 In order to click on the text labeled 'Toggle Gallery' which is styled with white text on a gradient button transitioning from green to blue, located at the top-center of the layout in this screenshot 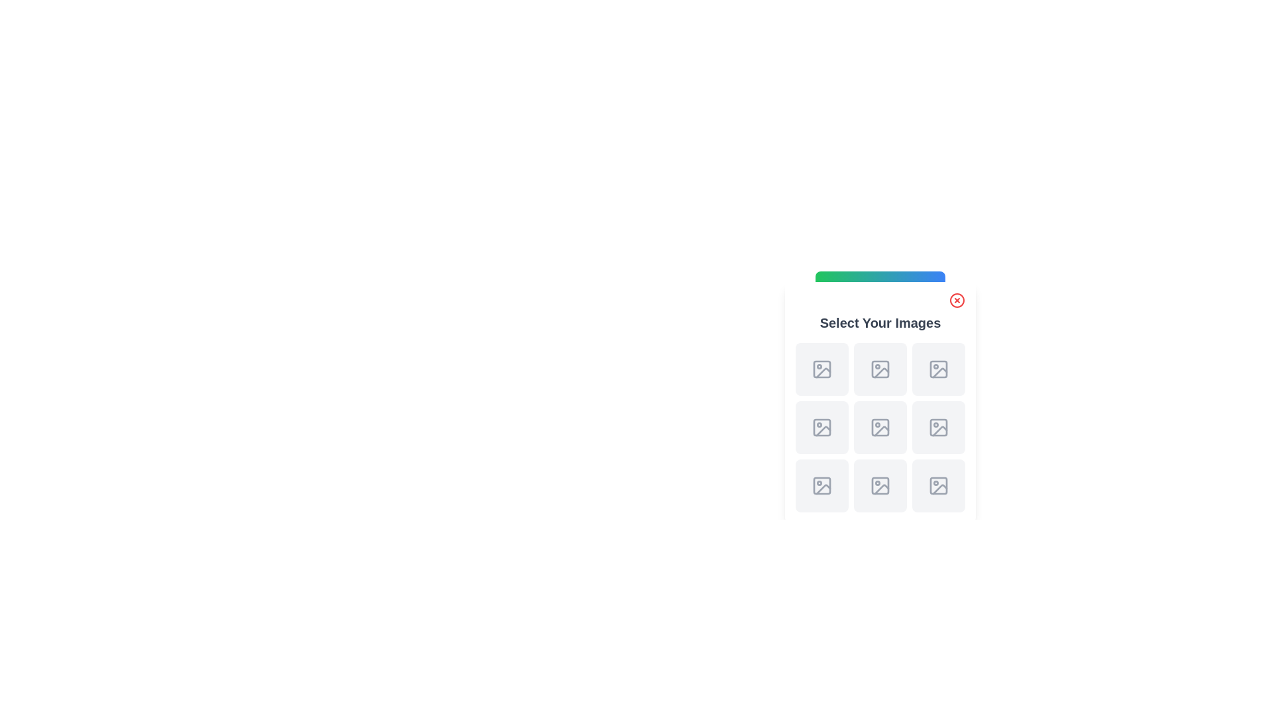, I will do `click(890, 287)`.